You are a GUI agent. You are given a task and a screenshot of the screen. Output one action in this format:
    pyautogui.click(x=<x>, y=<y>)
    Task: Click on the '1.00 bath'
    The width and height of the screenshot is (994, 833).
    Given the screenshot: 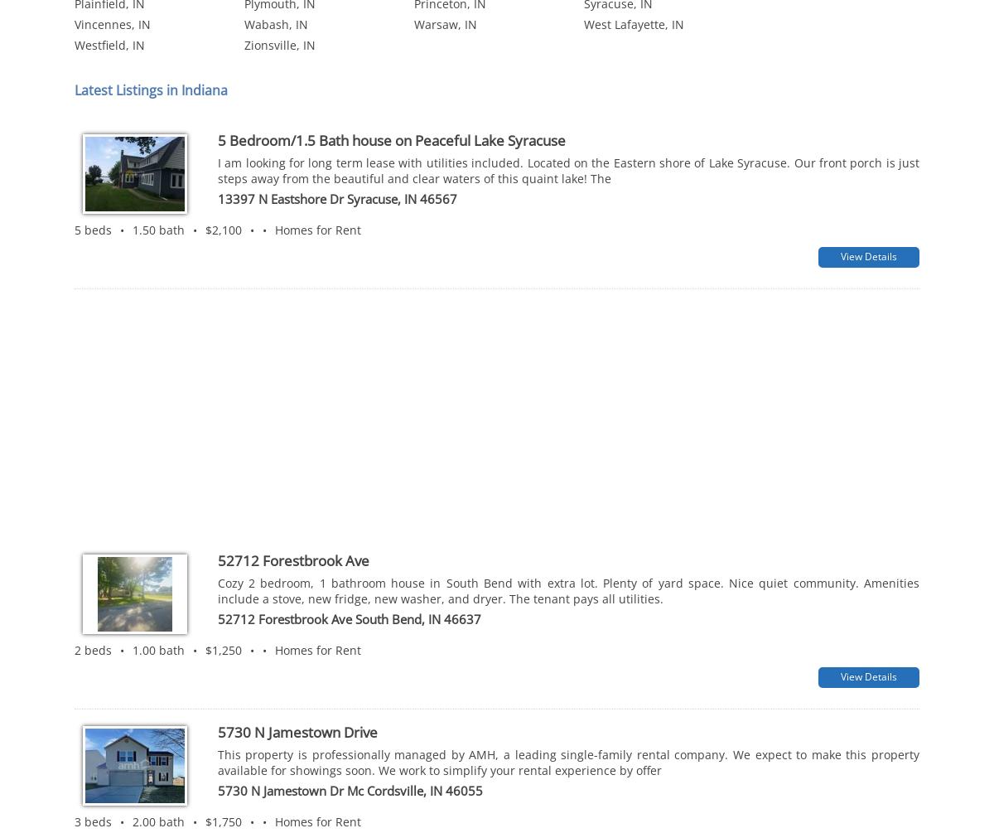 What is the action you would take?
    pyautogui.click(x=131, y=416)
    